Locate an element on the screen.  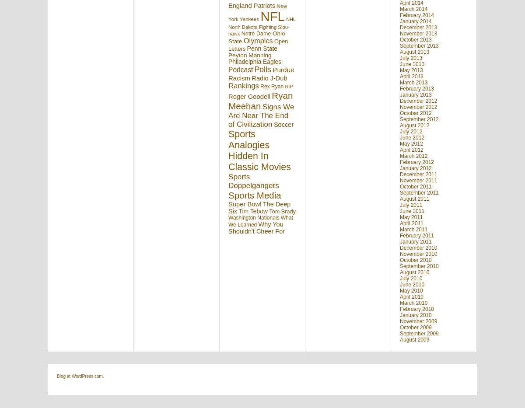
'June 2010' is located at coordinates (412, 284).